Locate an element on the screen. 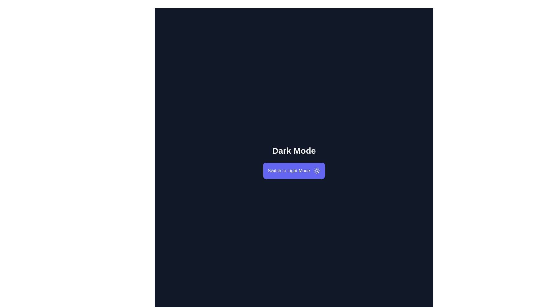 The width and height of the screenshot is (547, 308). the theme icon to toggle the theme is located at coordinates (317, 170).